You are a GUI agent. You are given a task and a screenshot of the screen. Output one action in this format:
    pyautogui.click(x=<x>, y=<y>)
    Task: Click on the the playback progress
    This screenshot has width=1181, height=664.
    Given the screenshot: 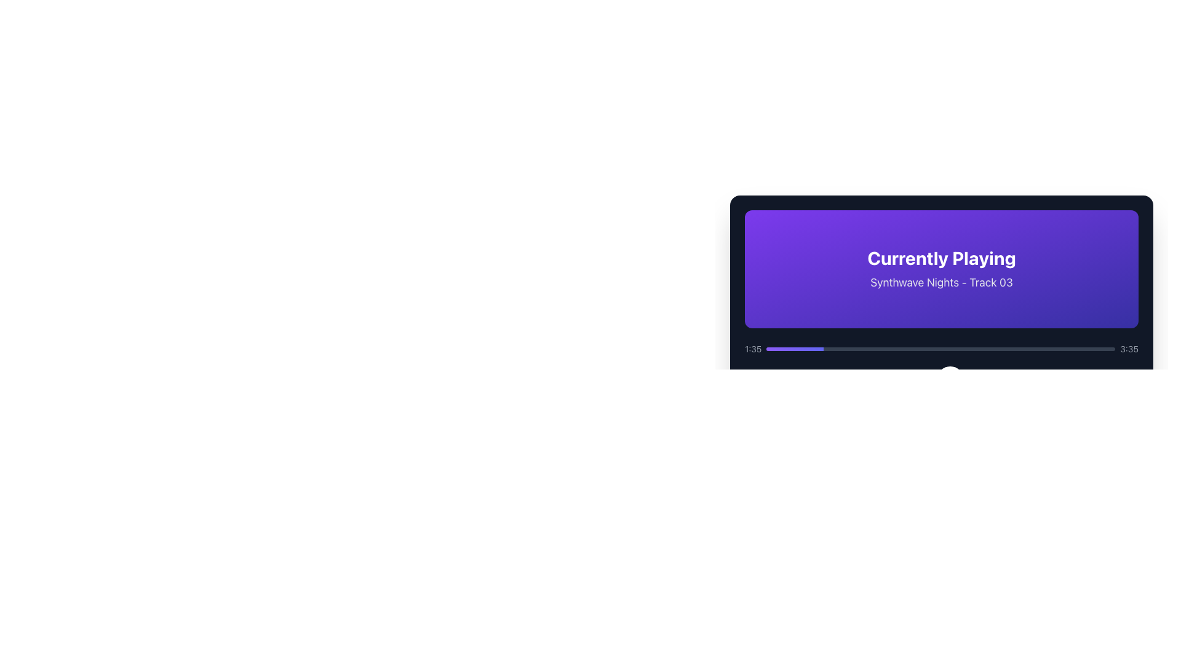 What is the action you would take?
    pyautogui.click(x=1019, y=349)
    